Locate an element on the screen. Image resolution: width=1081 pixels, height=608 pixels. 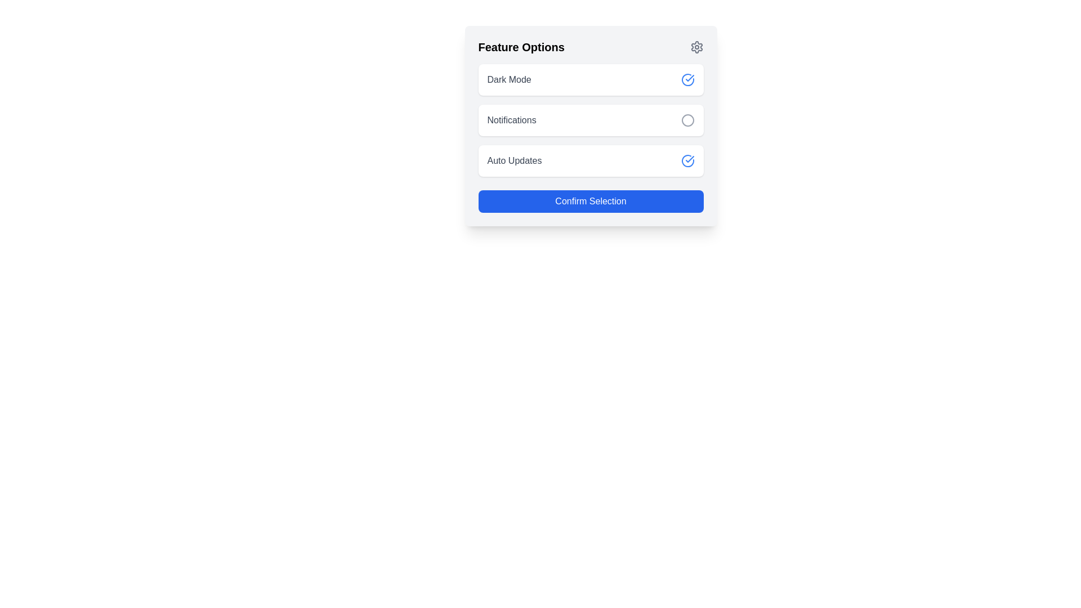
the circular checkmark outline icon located to the right of the 'Auto Updates' option in the feature options list is located at coordinates (687, 160).